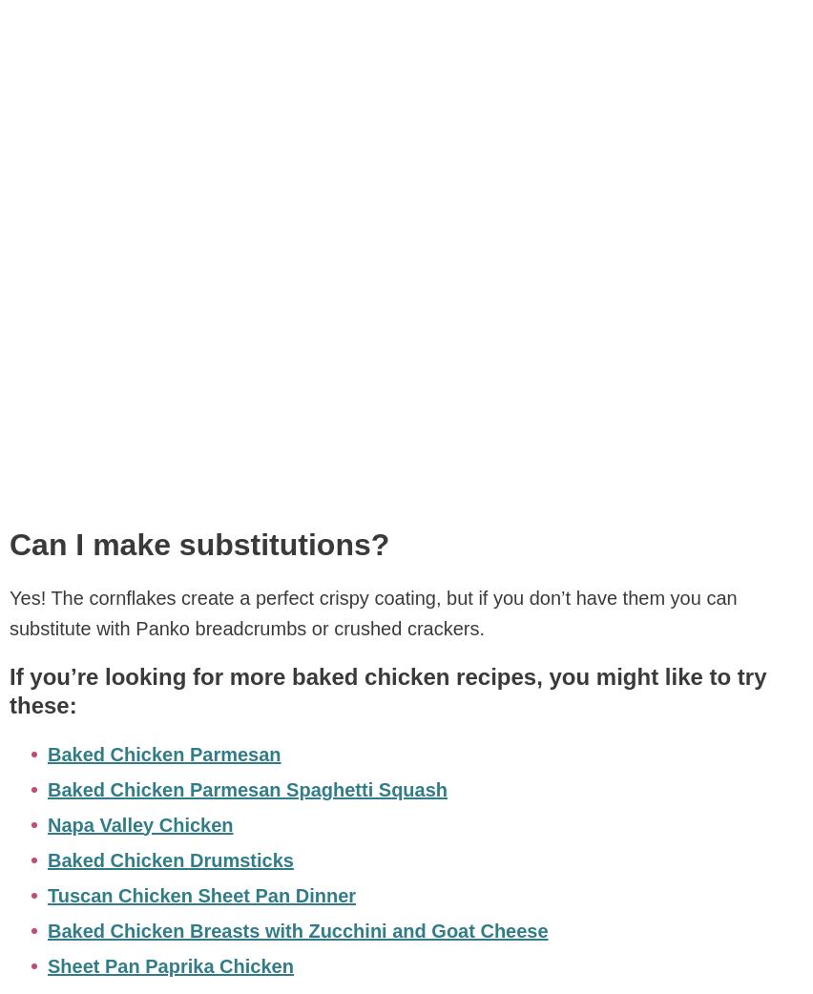  What do you see at coordinates (138, 824) in the screenshot?
I see `'Napa Valley Chicken'` at bounding box center [138, 824].